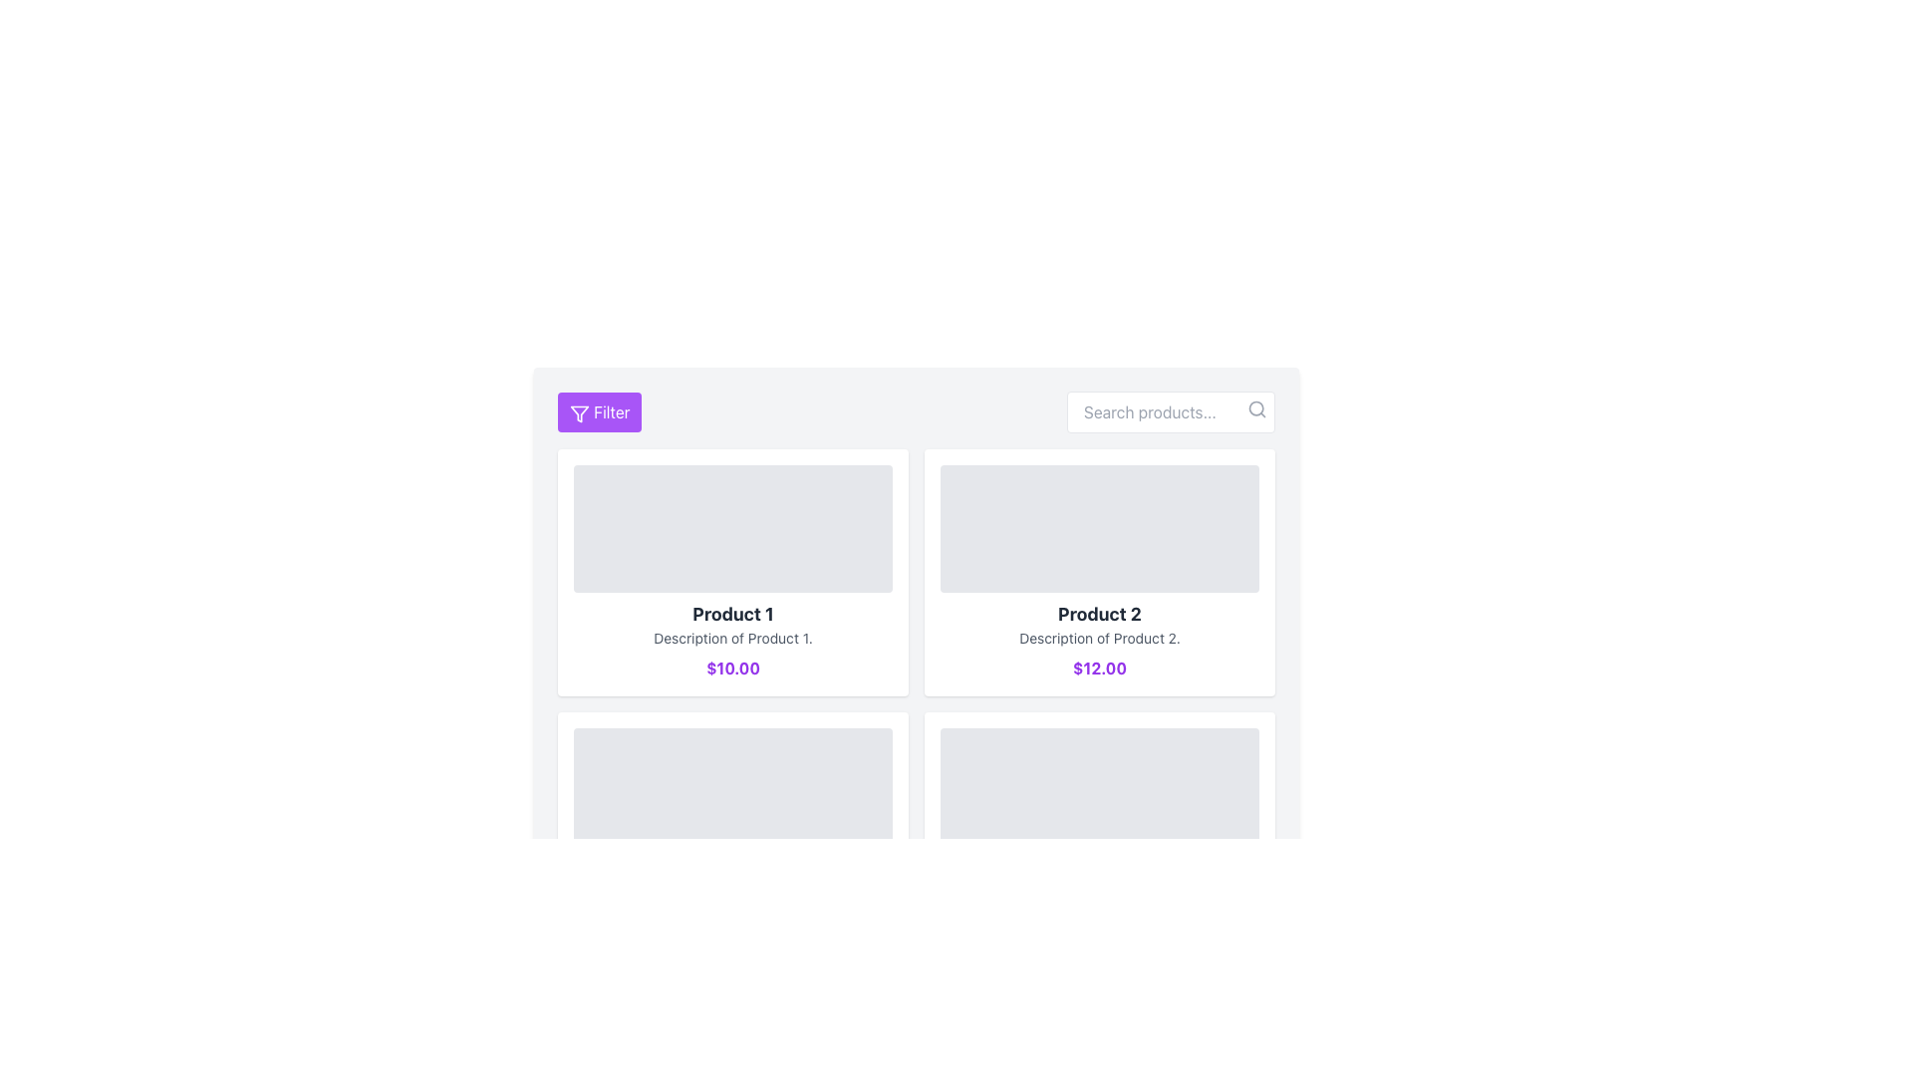 This screenshot has width=1913, height=1076. I want to click on the Text Label that displays the product title, located centrally below the gray placeholder image within the product card, so click(731, 614).